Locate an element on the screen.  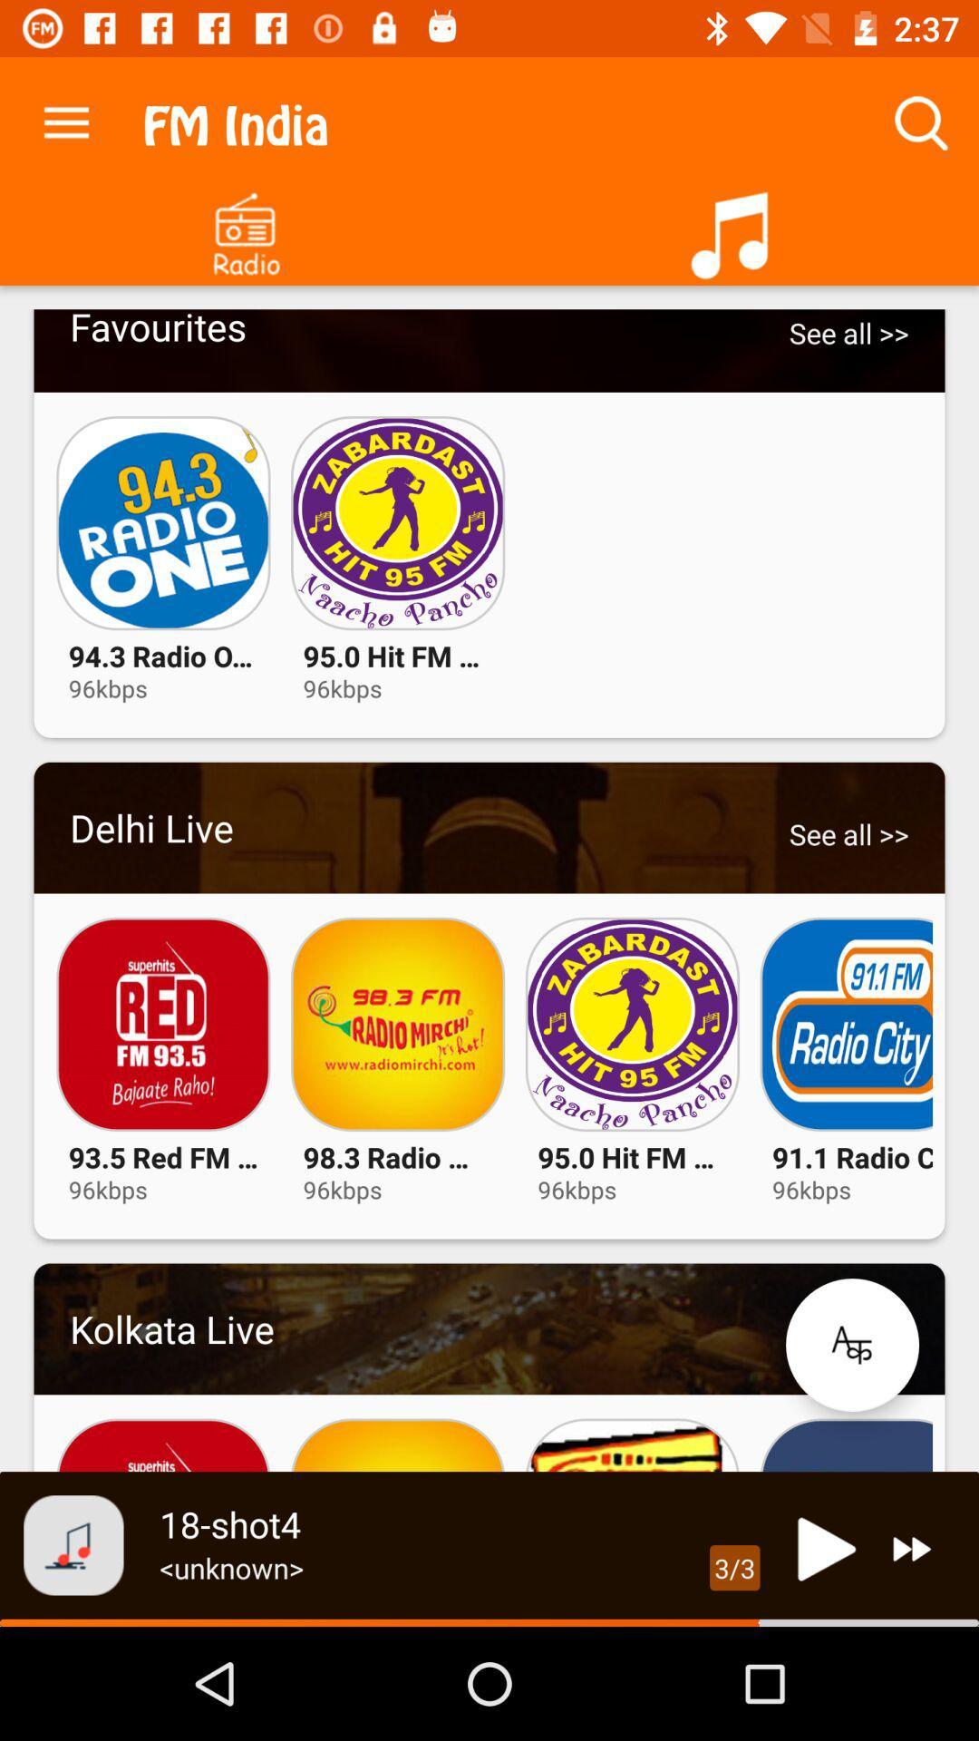
music playlist is located at coordinates (734, 228).